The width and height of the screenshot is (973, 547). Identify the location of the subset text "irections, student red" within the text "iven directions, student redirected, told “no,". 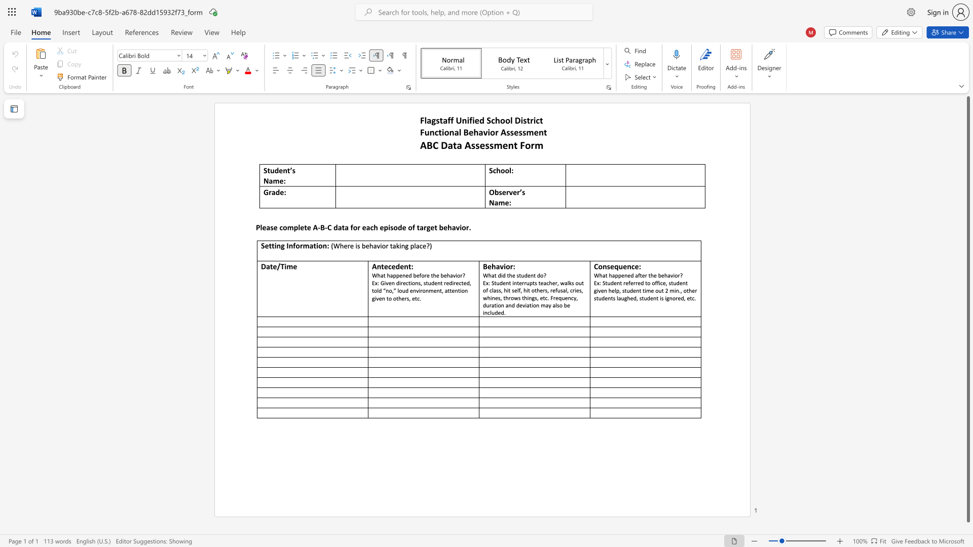
(398, 283).